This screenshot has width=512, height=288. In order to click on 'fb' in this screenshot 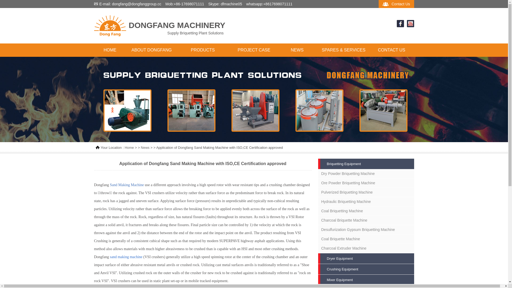, I will do `click(400, 26)`.